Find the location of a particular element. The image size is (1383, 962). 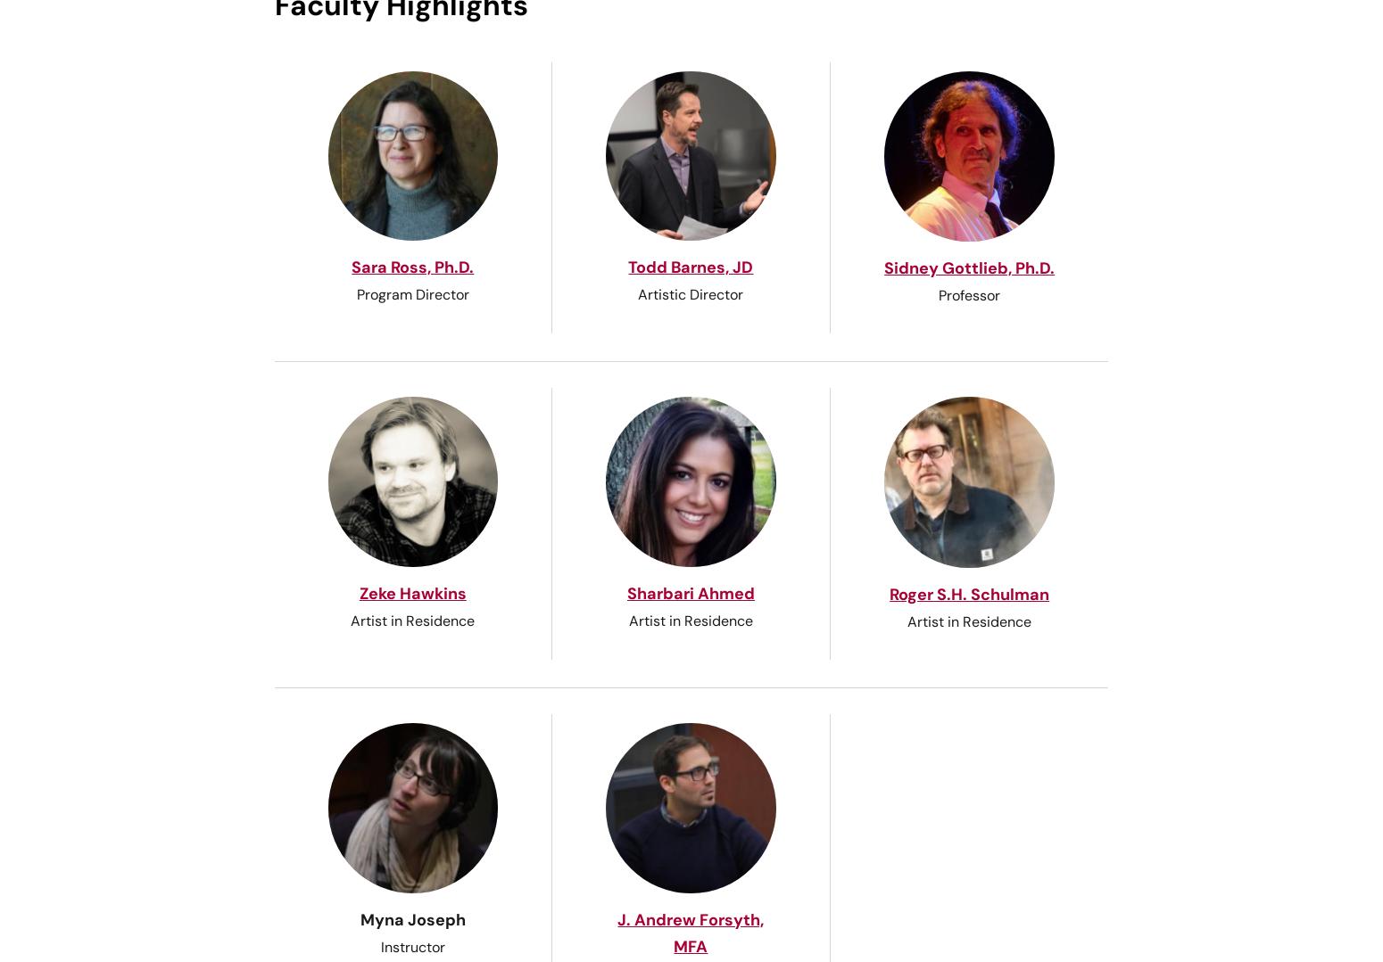

'Sara Ross, Ph.D.' is located at coordinates (352, 266).